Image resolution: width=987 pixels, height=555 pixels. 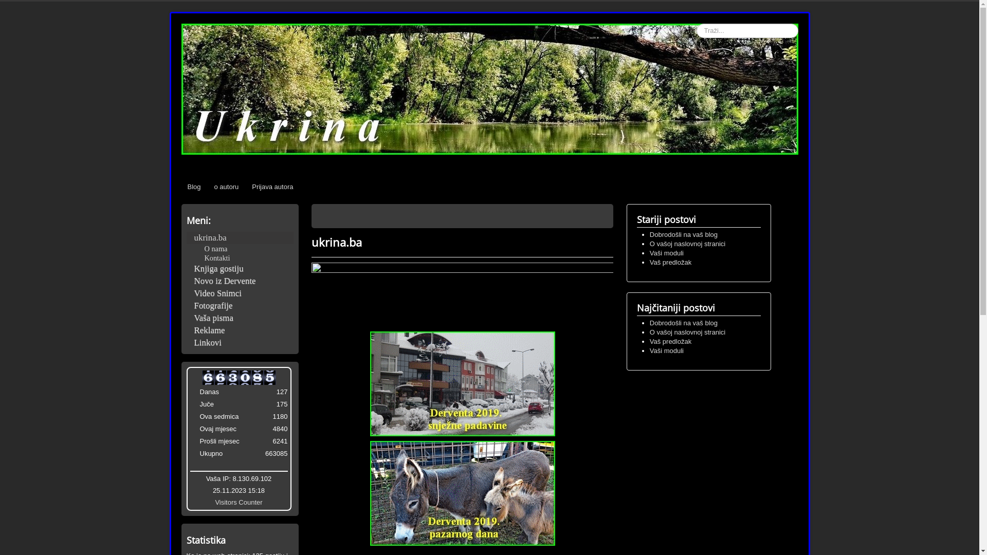 What do you see at coordinates (186, 330) in the screenshot?
I see `'Reklame'` at bounding box center [186, 330].